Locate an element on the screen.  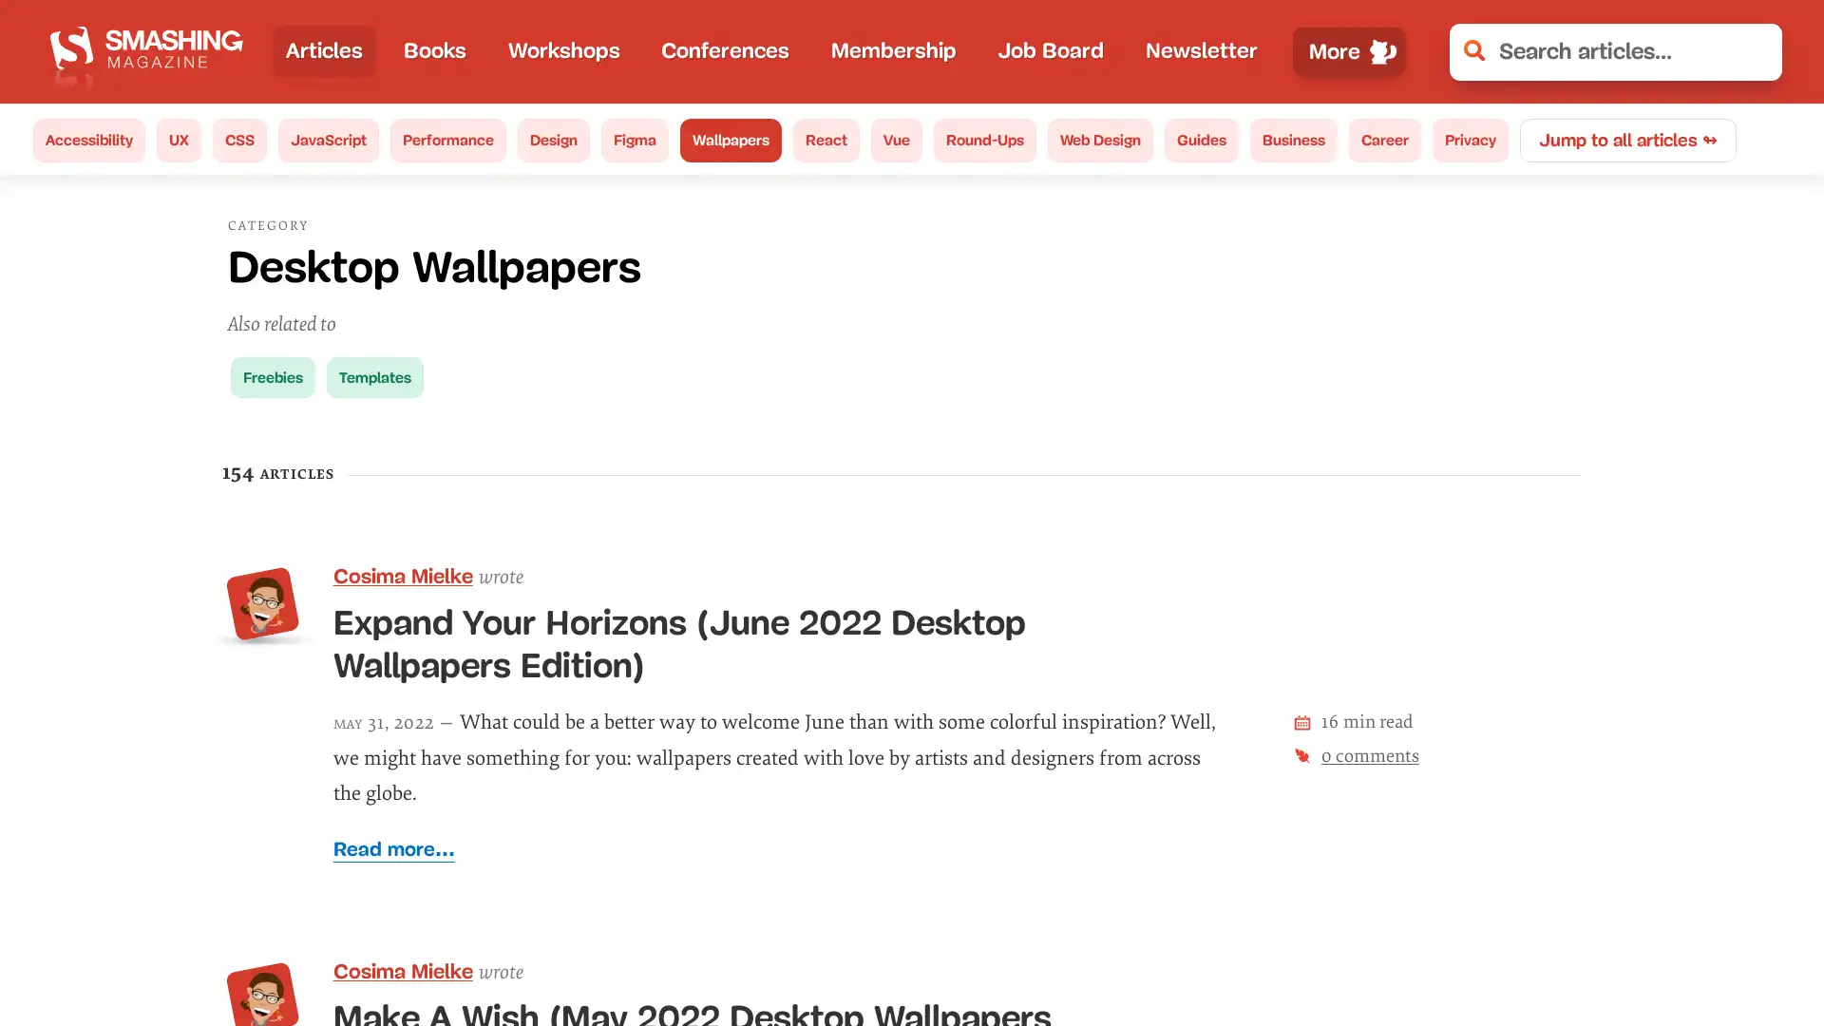
Its okay. is located at coordinates (1680, 949).